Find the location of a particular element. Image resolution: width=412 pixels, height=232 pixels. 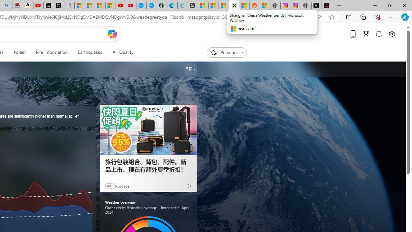

'Earthquakes' is located at coordinates (89, 52).